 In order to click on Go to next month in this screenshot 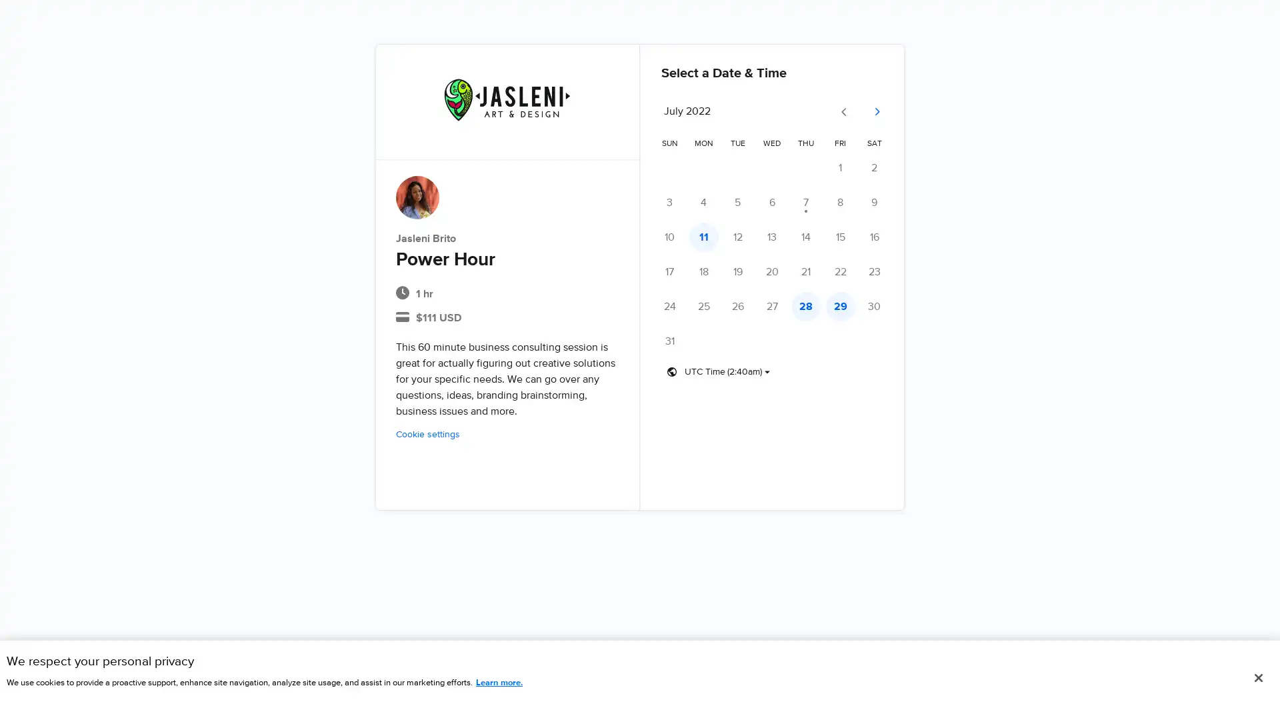, I will do `click(877, 111)`.